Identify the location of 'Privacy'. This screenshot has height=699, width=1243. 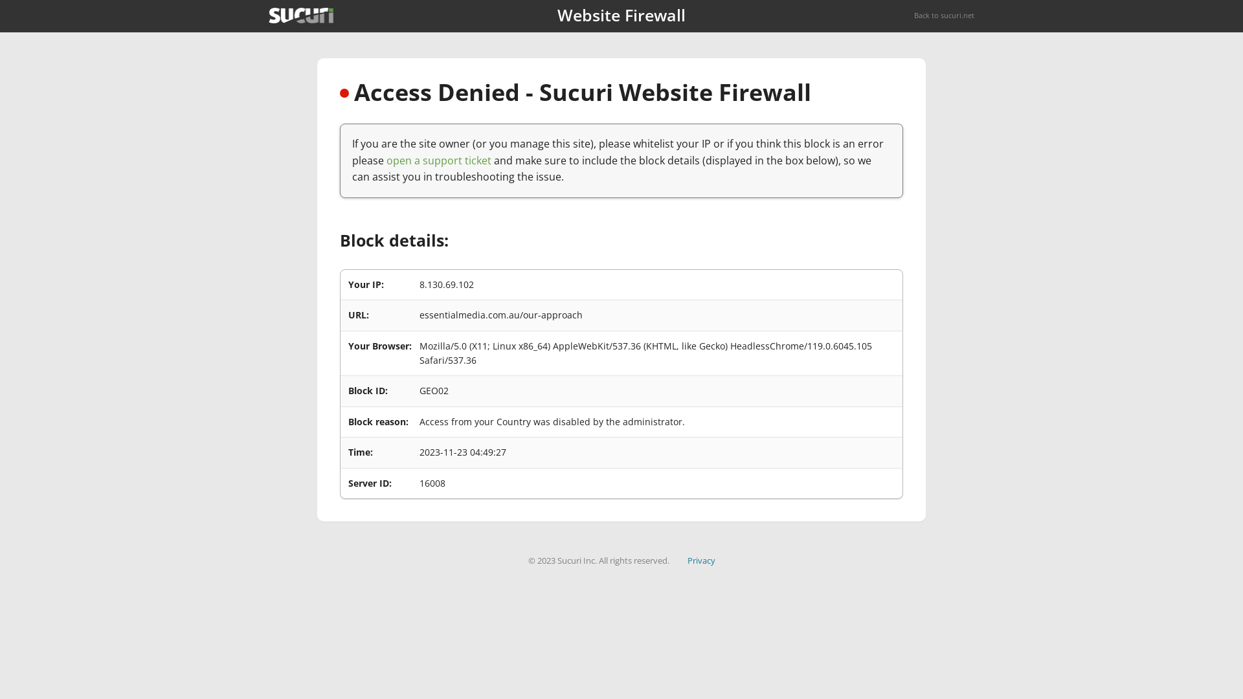
(700, 560).